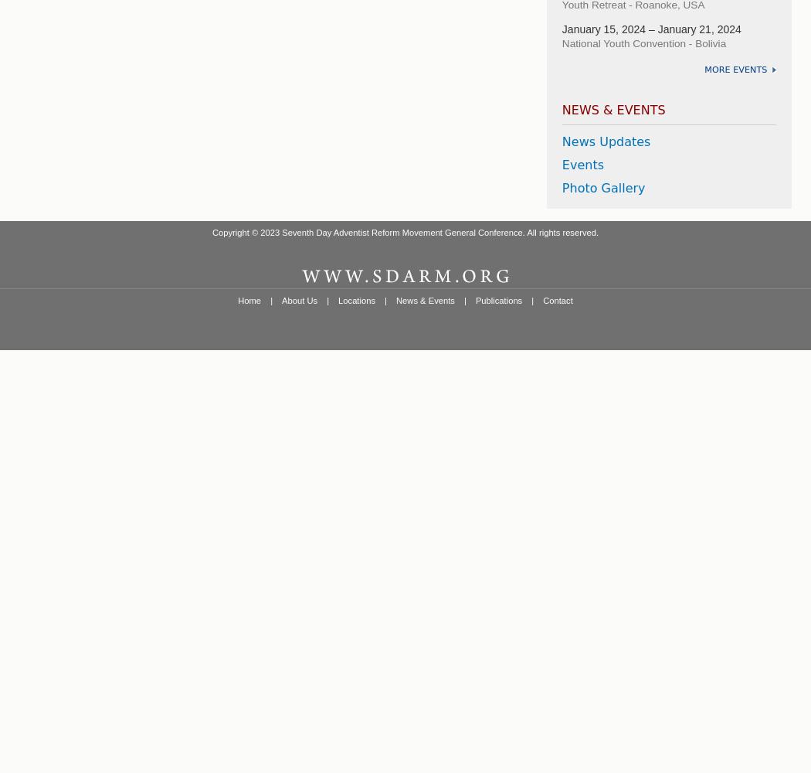 The width and height of the screenshot is (811, 773). I want to click on 'Photo Gallery', so click(602, 187).